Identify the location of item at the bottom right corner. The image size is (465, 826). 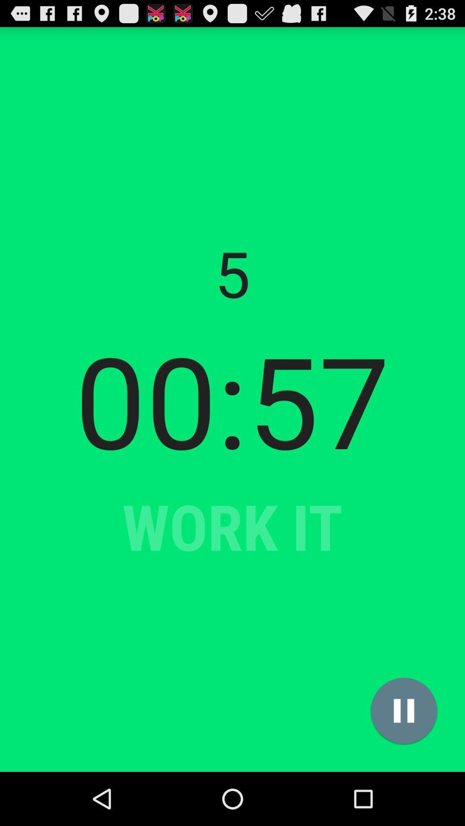
(404, 711).